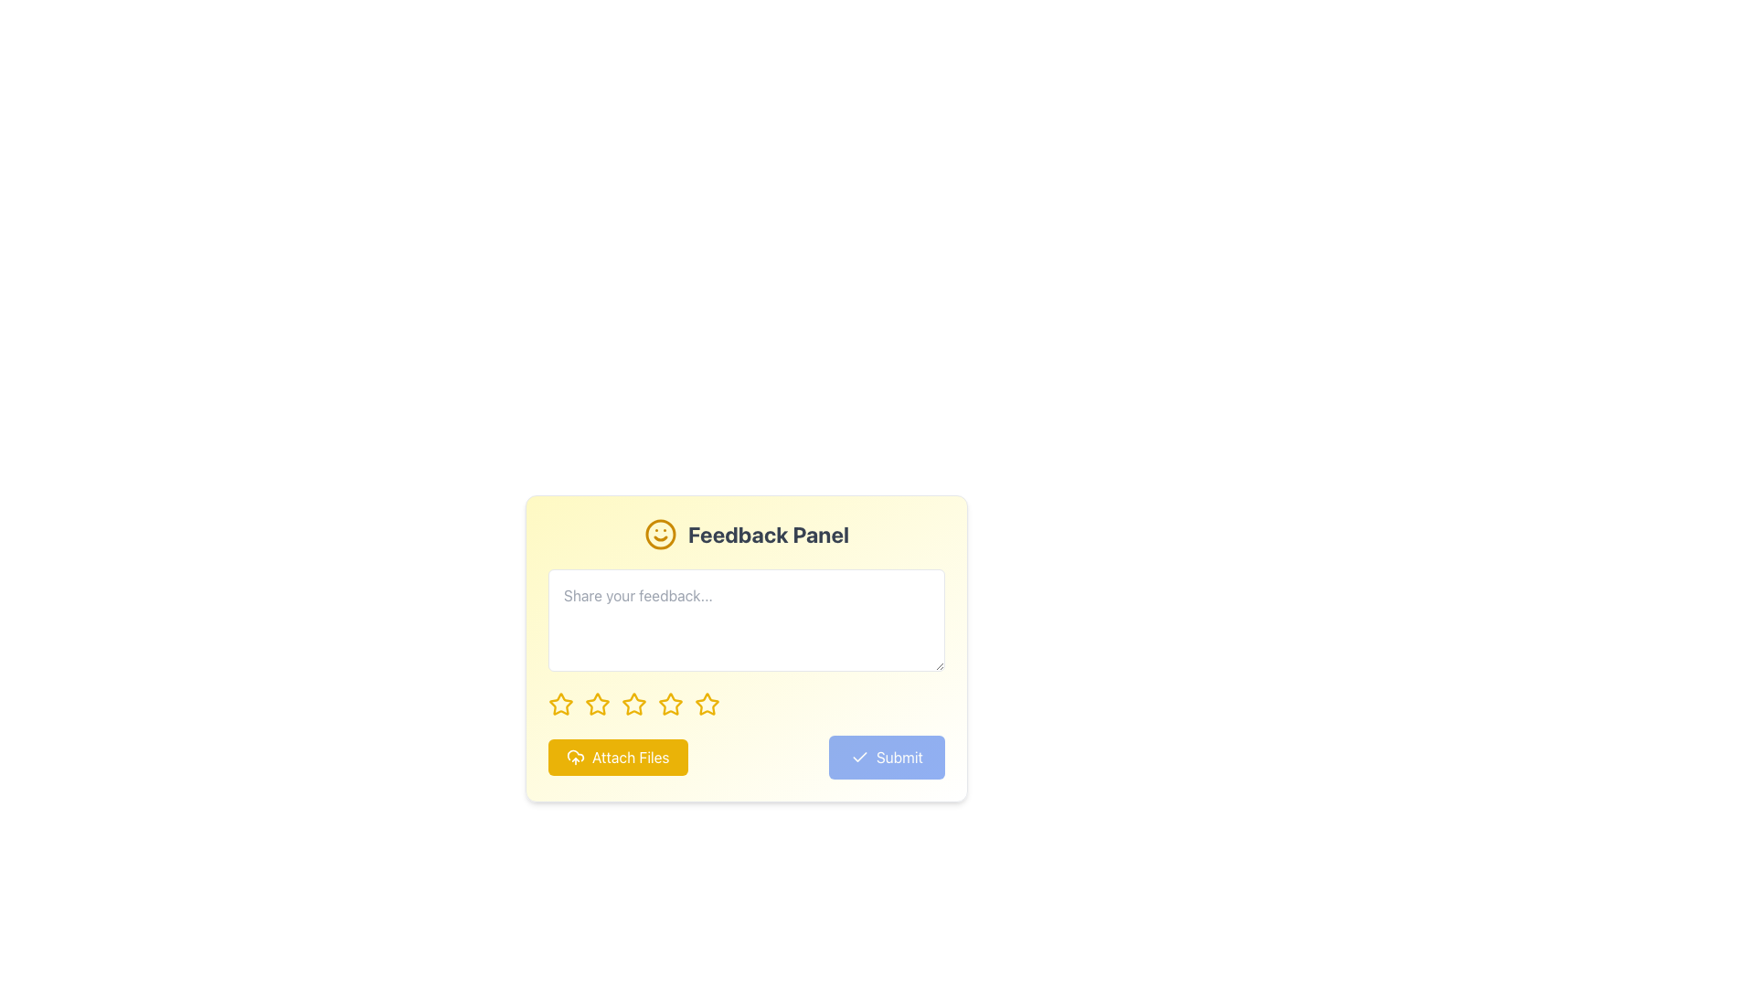 This screenshot has width=1755, height=987. What do you see at coordinates (634, 703) in the screenshot?
I see `the second star icon in the feedback section to provide a rating` at bounding box center [634, 703].